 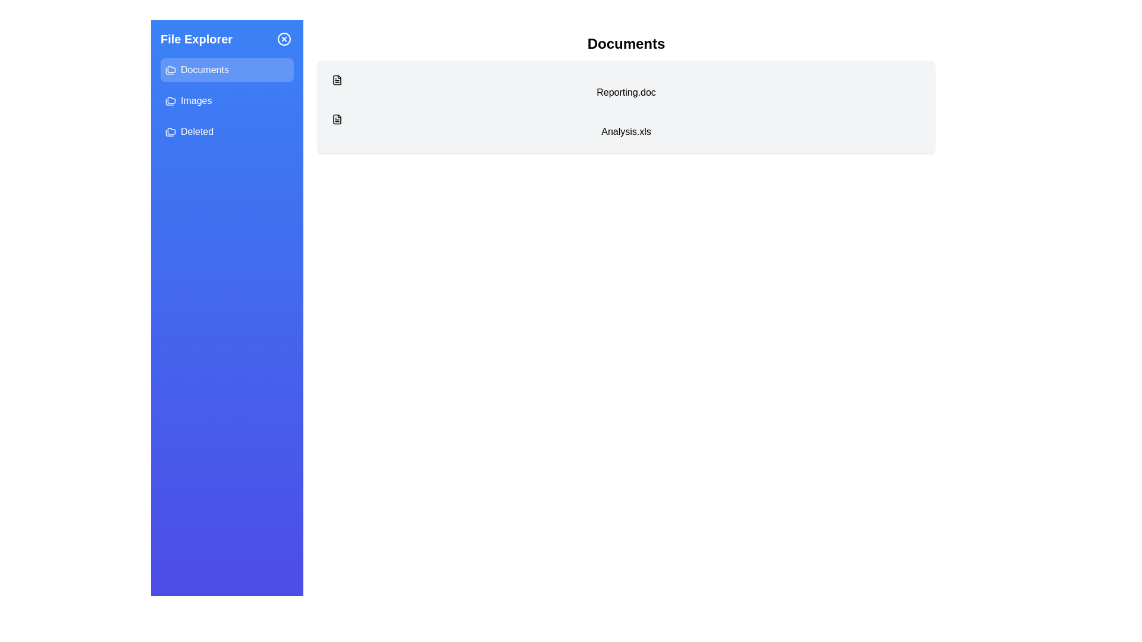 What do you see at coordinates (284, 38) in the screenshot?
I see `the close button (X icon) to hide the sidebar` at bounding box center [284, 38].